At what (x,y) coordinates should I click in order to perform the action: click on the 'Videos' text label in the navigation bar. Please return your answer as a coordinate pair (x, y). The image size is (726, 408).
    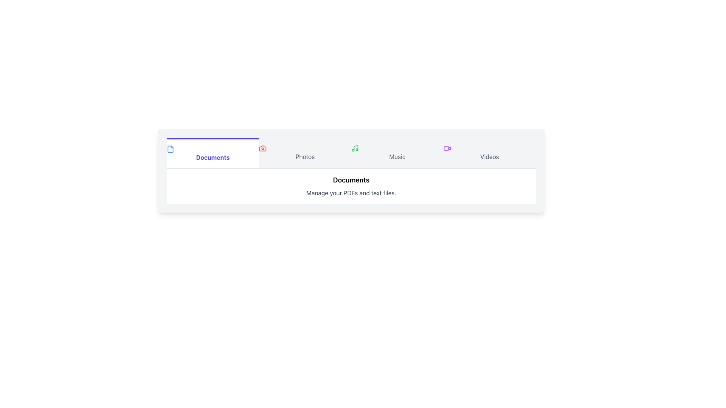
    Looking at the image, I should click on (490, 156).